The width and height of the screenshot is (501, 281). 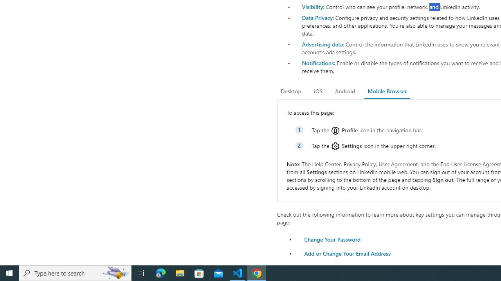 What do you see at coordinates (317, 62) in the screenshot?
I see `'Notifications'` at bounding box center [317, 62].